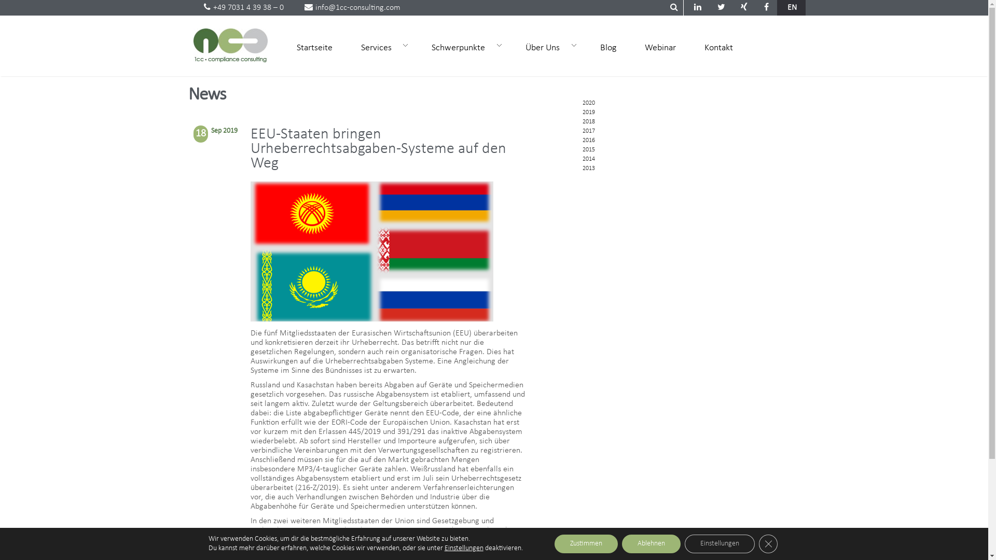  What do you see at coordinates (303, 8) in the screenshot?
I see `'info@1cc-consulting.com'` at bounding box center [303, 8].